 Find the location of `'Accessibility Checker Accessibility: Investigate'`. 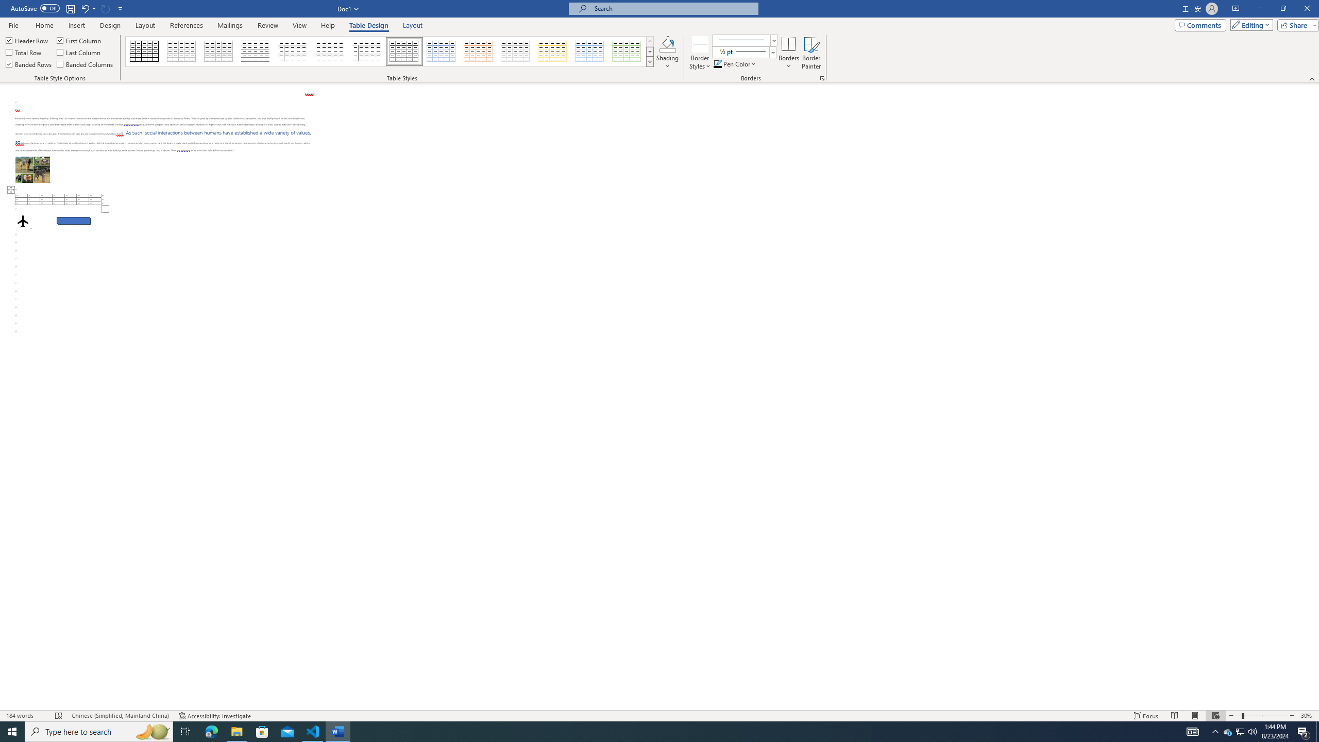

'Accessibility Checker Accessibility: Investigate' is located at coordinates (214, 716).